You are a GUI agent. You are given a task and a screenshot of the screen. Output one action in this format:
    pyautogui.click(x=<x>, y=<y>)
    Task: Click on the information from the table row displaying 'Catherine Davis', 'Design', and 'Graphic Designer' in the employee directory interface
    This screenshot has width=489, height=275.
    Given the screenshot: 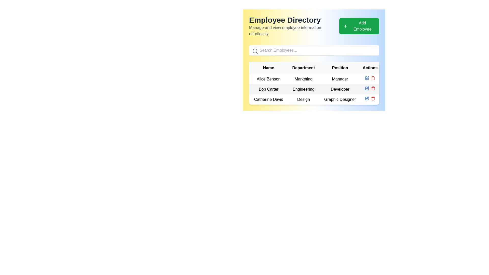 What is the action you would take?
    pyautogui.click(x=314, y=99)
    